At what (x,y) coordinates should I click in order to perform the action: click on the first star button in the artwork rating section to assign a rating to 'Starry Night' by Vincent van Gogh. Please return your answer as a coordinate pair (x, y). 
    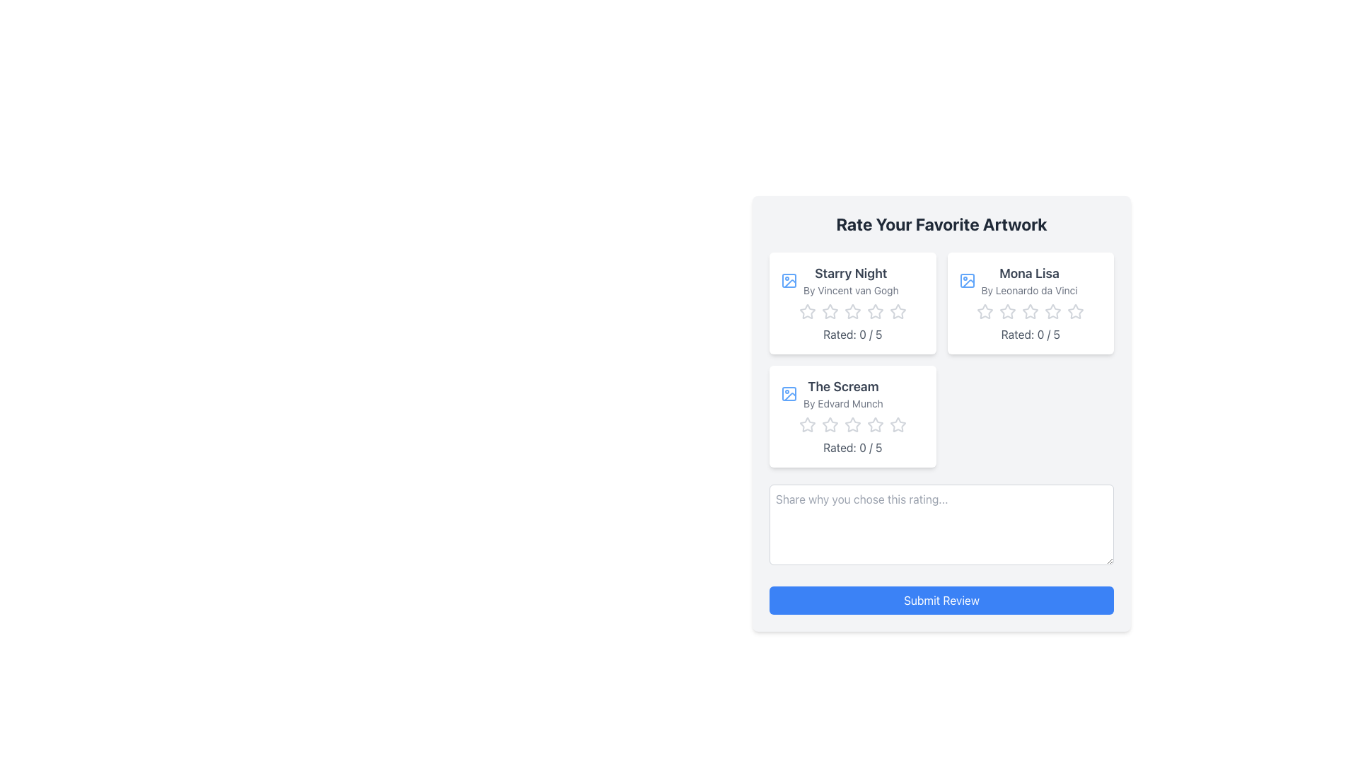
    Looking at the image, I should click on (807, 311).